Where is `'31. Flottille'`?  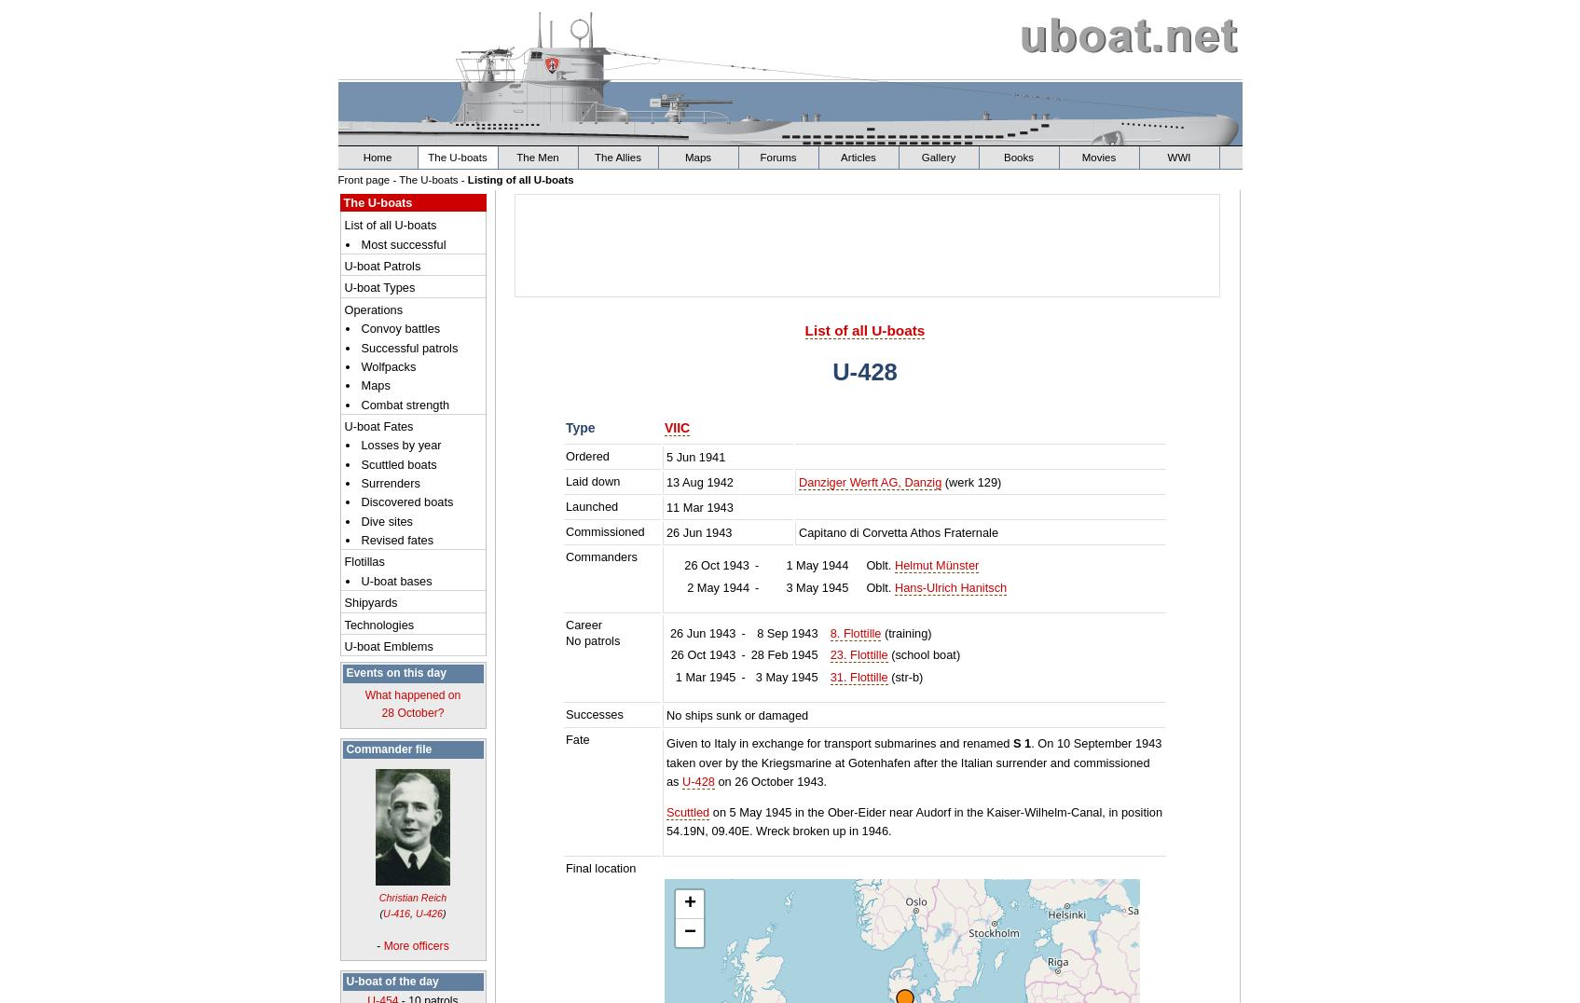
'31. Flottille' is located at coordinates (859, 676).